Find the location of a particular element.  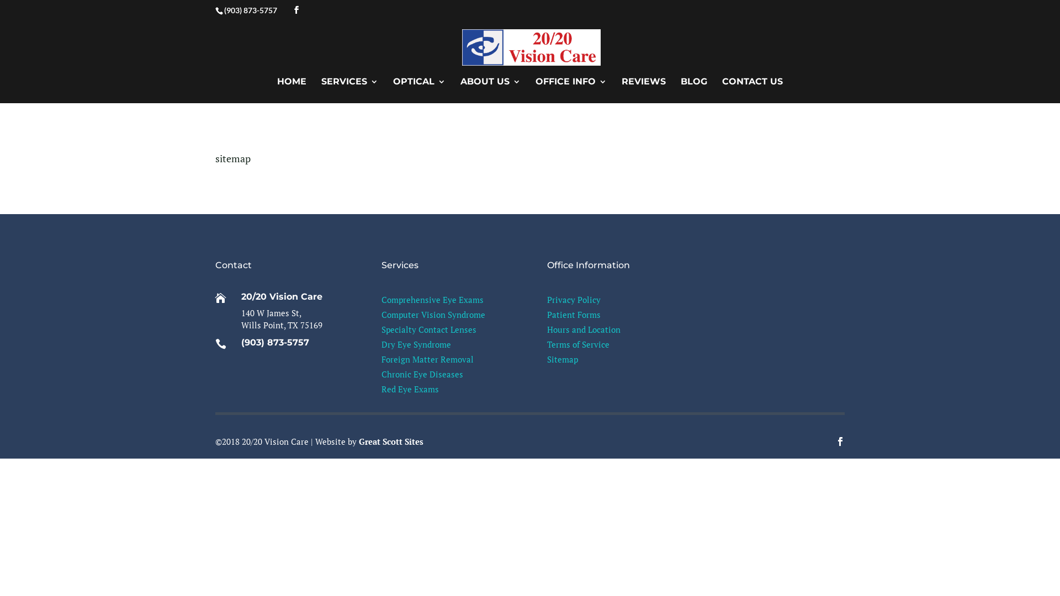

'Patient Forms' is located at coordinates (547, 315).